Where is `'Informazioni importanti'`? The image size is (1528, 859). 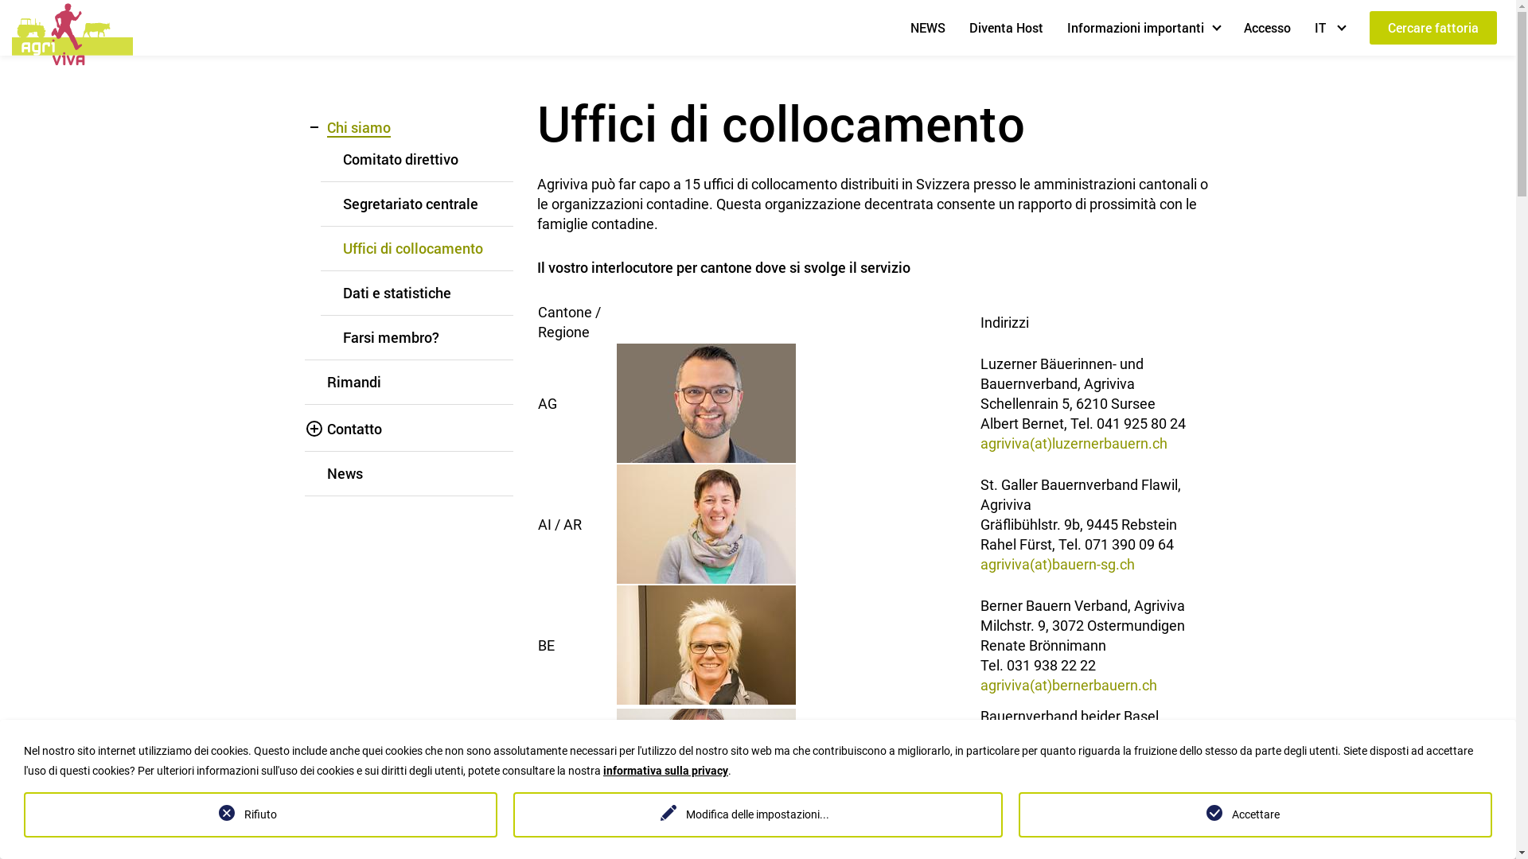 'Informazioni importanti' is located at coordinates (1142, 27).